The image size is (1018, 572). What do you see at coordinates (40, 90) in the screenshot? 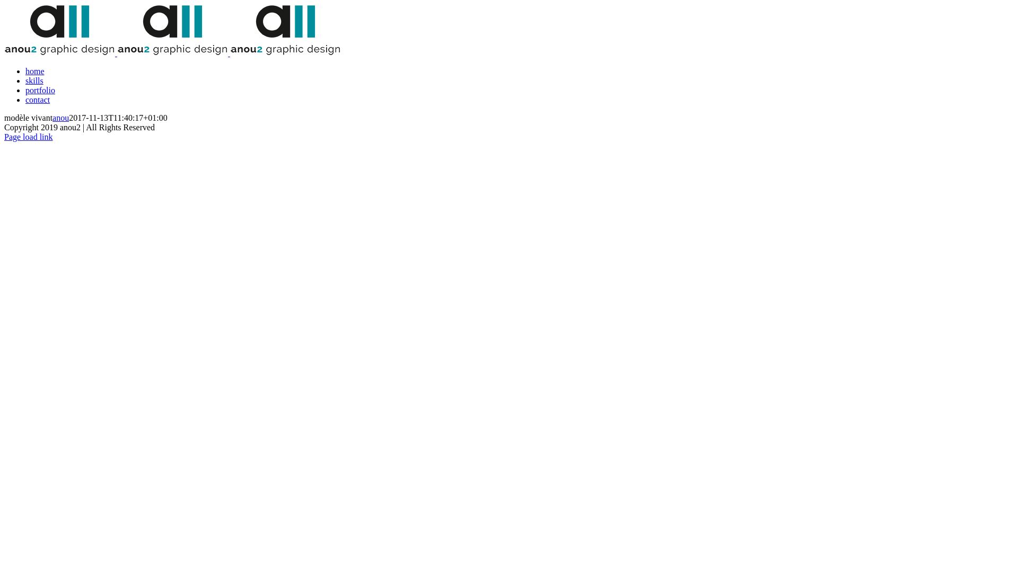
I see `'portfolio'` at bounding box center [40, 90].